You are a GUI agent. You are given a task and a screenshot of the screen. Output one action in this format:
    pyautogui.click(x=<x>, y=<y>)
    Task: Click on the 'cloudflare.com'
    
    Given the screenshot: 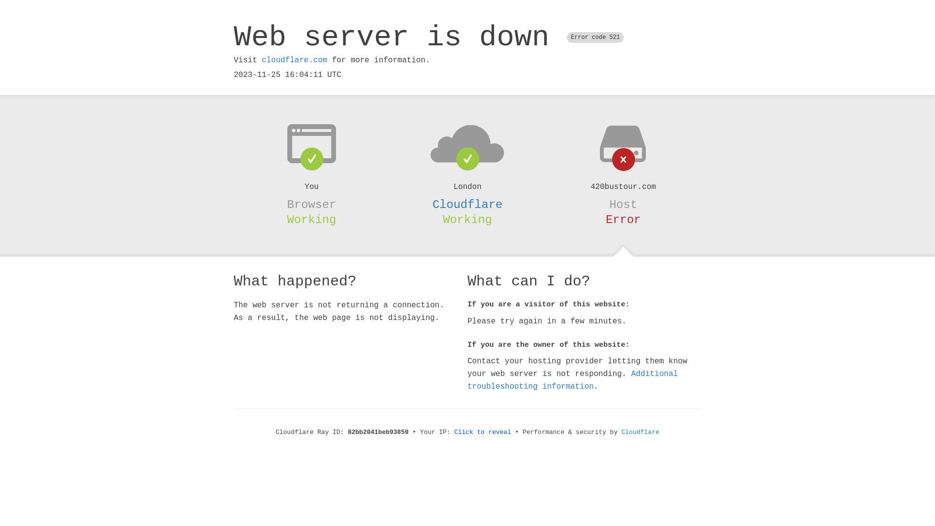 What is the action you would take?
    pyautogui.click(x=294, y=60)
    